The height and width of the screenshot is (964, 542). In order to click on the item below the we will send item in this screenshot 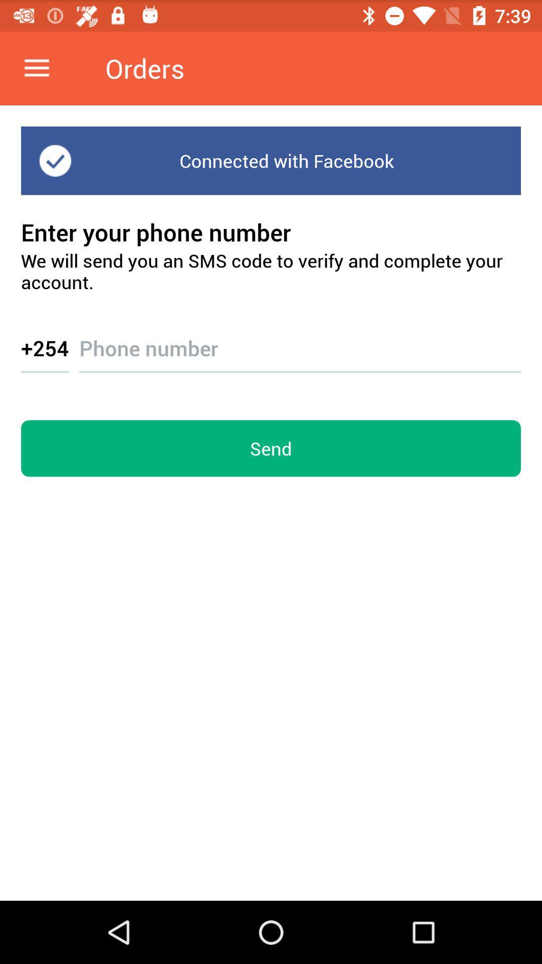, I will do `click(300, 339)`.